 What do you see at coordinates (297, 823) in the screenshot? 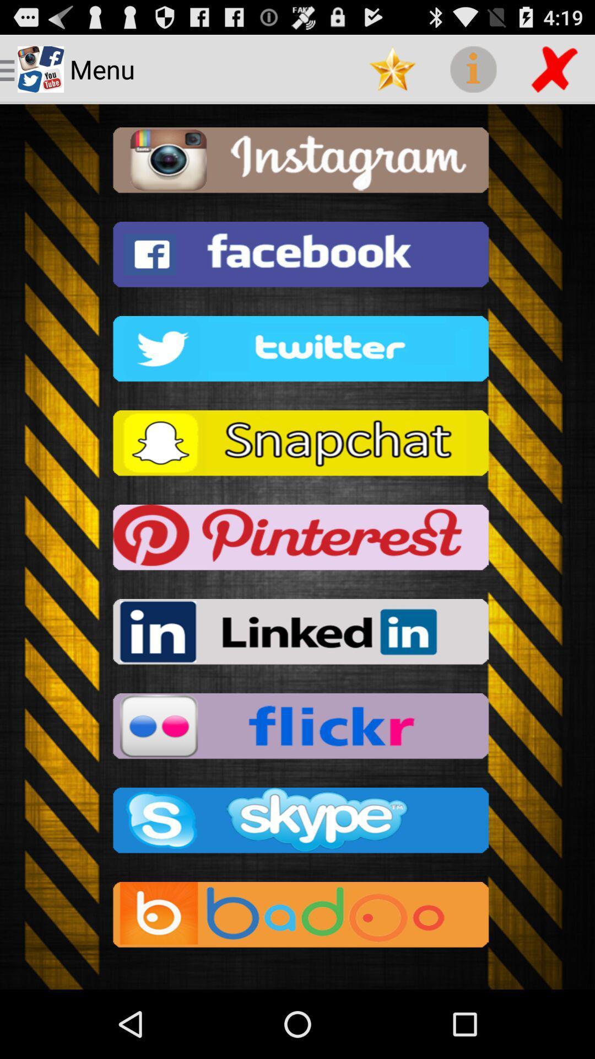
I see `the skype option` at bounding box center [297, 823].